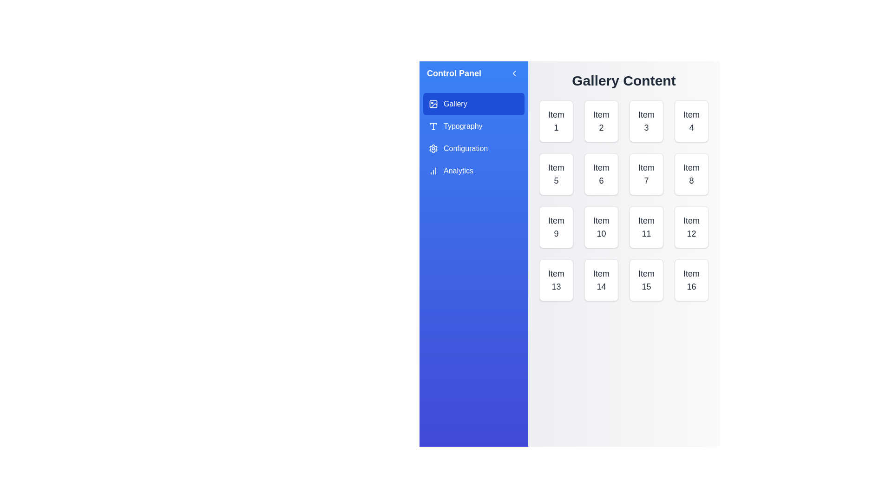 This screenshot has height=502, width=892. Describe the element at coordinates (473, 126) in the screenshot. I see `the category Typography from the menu` at that location.